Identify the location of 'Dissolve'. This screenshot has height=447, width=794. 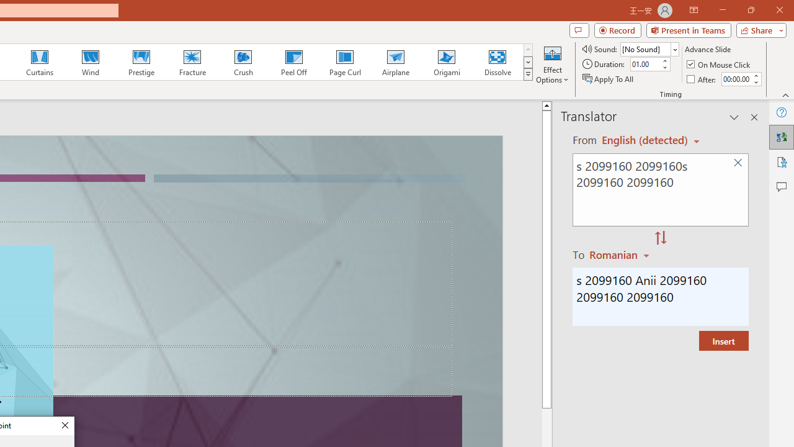
(497, 62).